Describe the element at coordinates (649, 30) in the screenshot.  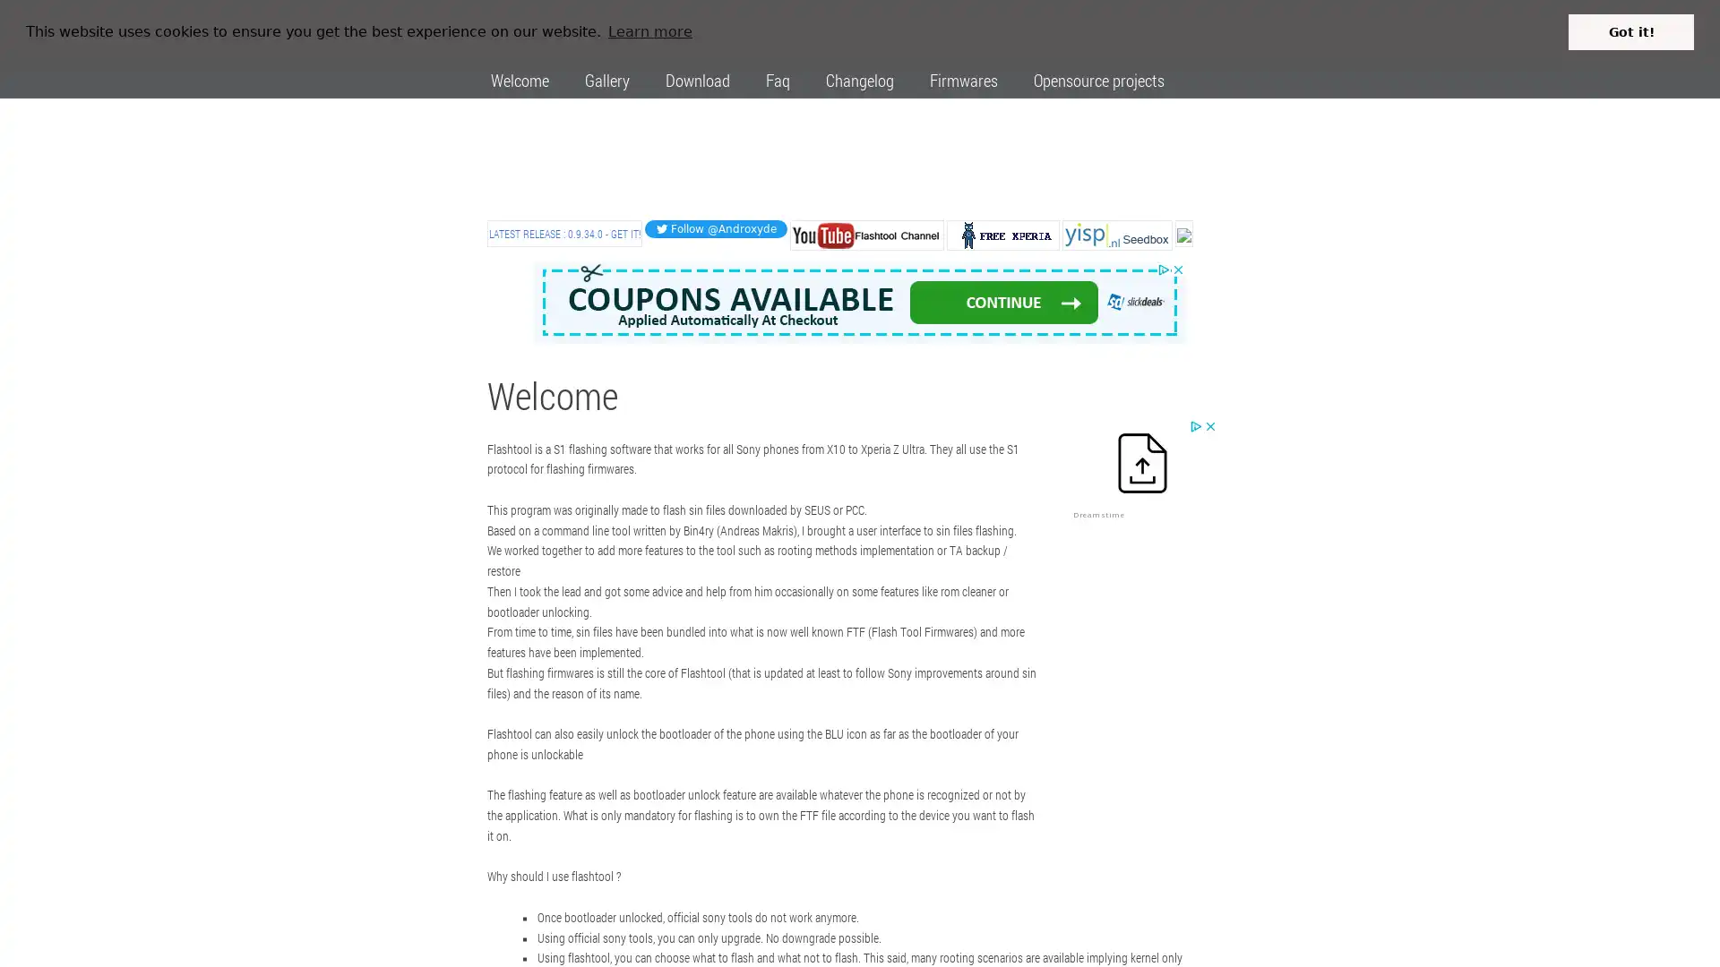
I see `learn more about cookies` at that location.